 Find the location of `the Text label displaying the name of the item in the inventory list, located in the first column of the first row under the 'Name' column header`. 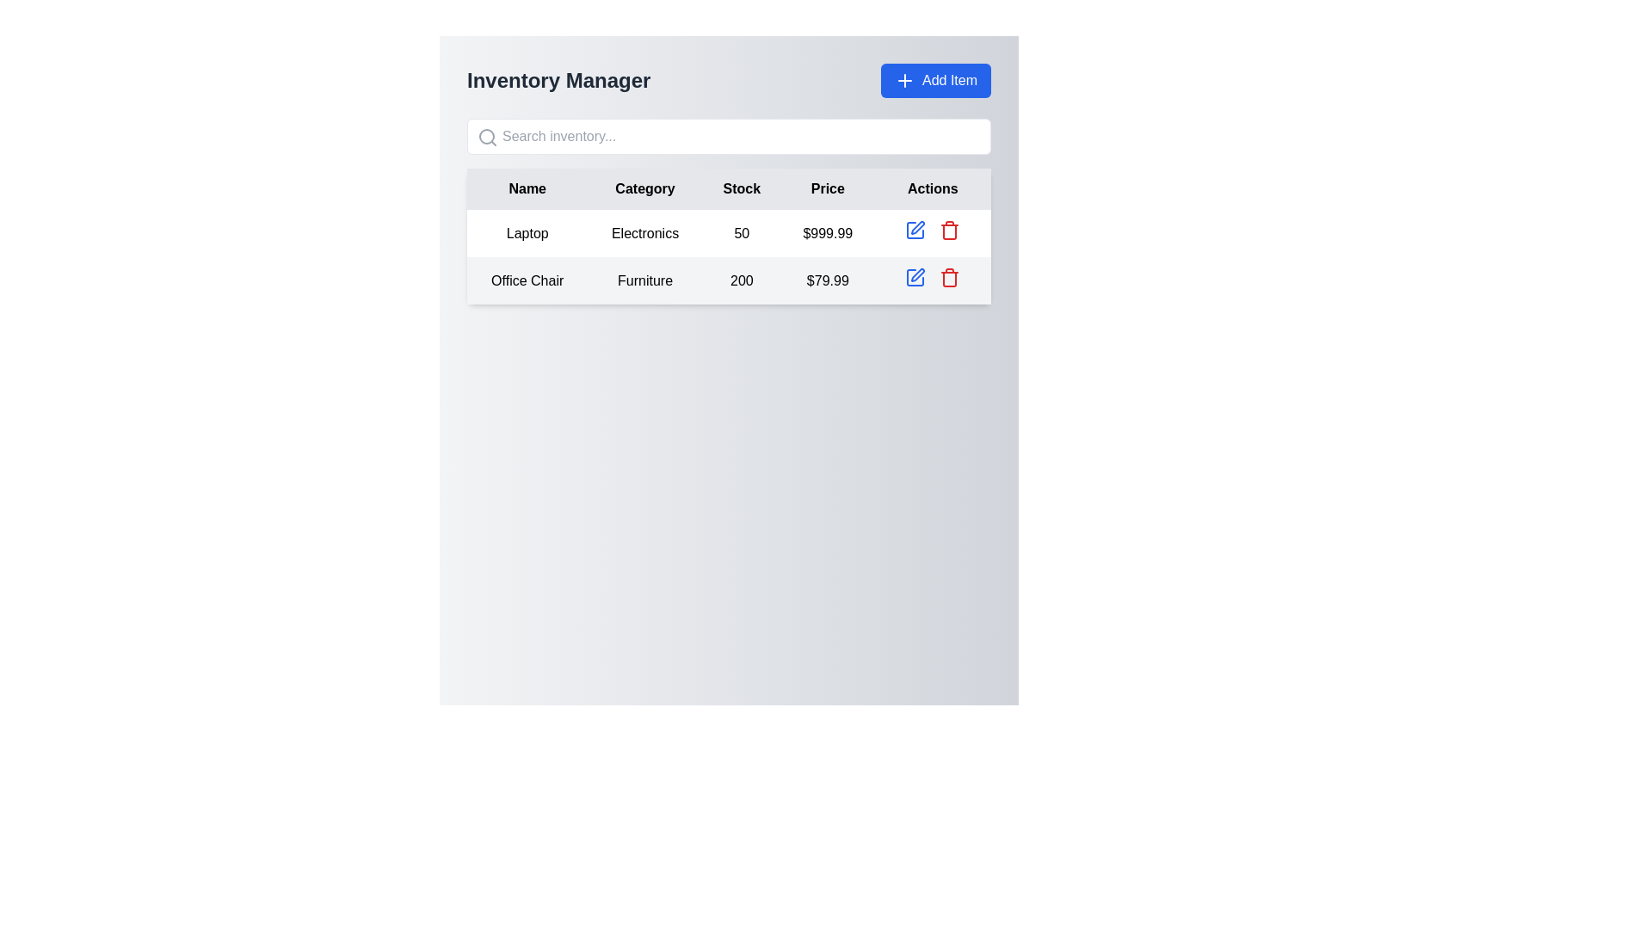

the Text label displaying the name of the item in the inventory list, located in the first column of the first row under the 'Name' column header is located at coordinates (527, 233).